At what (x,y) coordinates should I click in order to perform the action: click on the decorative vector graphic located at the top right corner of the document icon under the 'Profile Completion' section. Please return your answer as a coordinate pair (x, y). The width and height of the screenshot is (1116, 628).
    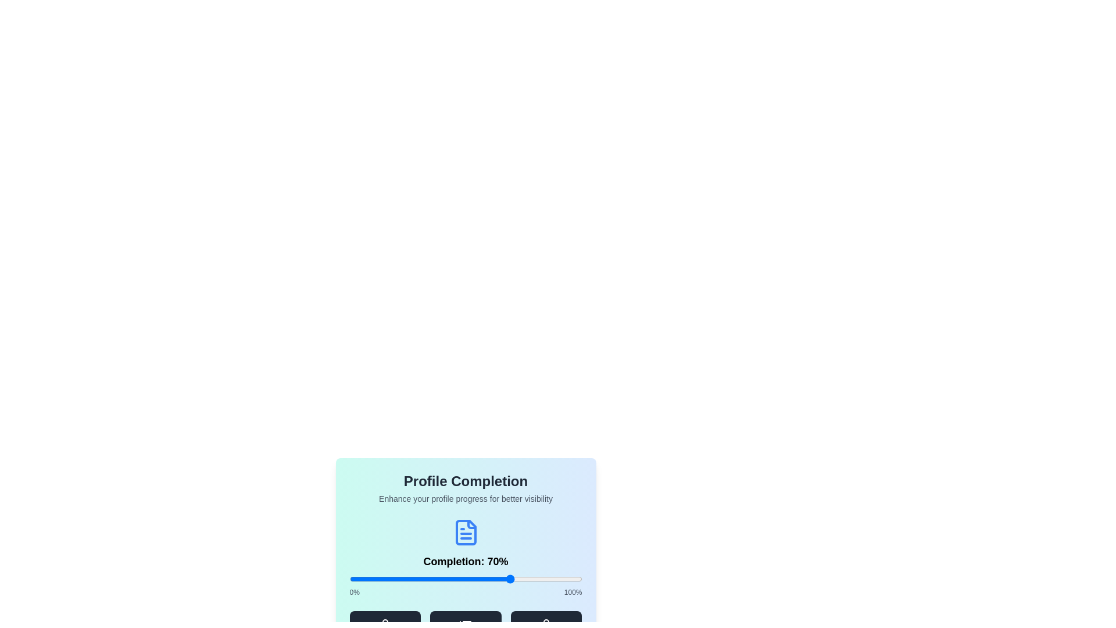
    Looking at the image, I should click on (471, 524).